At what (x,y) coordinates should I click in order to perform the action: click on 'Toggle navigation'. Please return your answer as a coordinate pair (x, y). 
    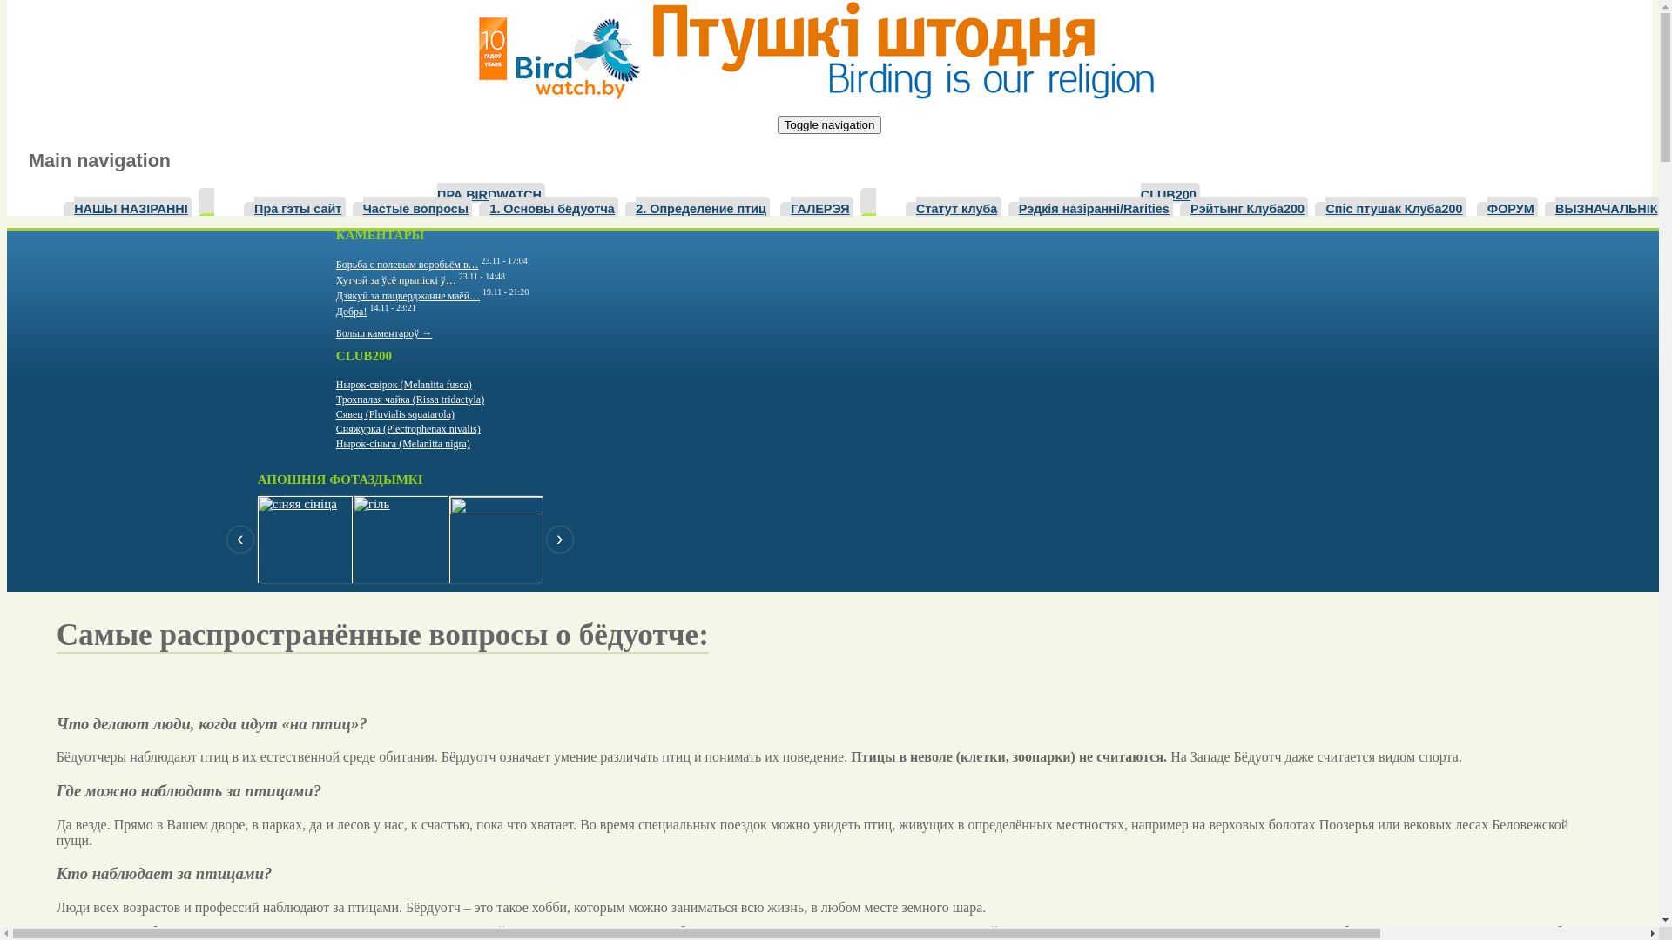
    Looking at the image, I should click on (829, 124).